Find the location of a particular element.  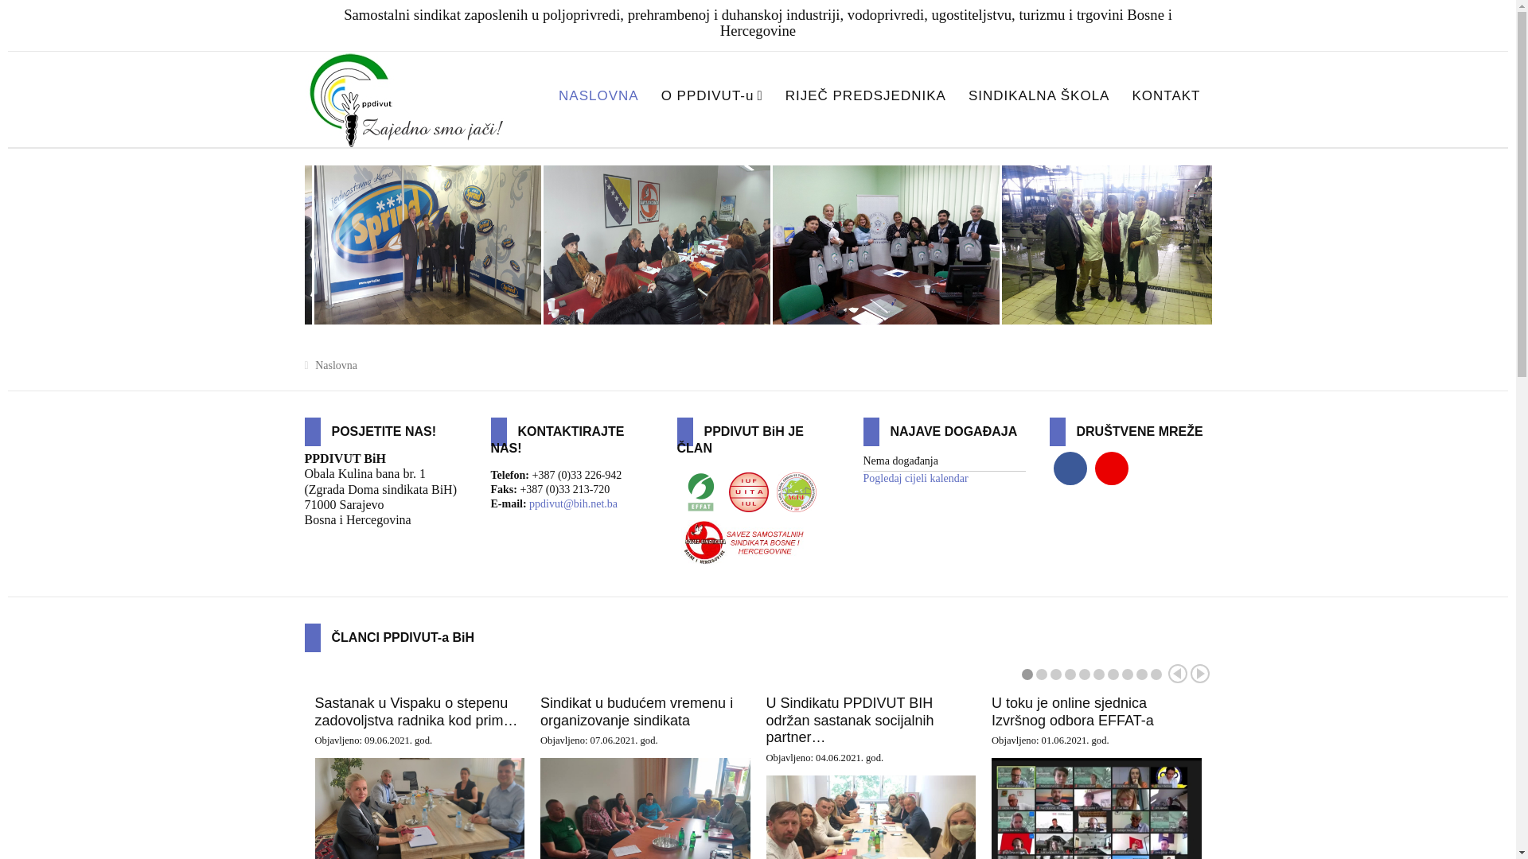

'Prev' is located at coordinates (1177, 674).